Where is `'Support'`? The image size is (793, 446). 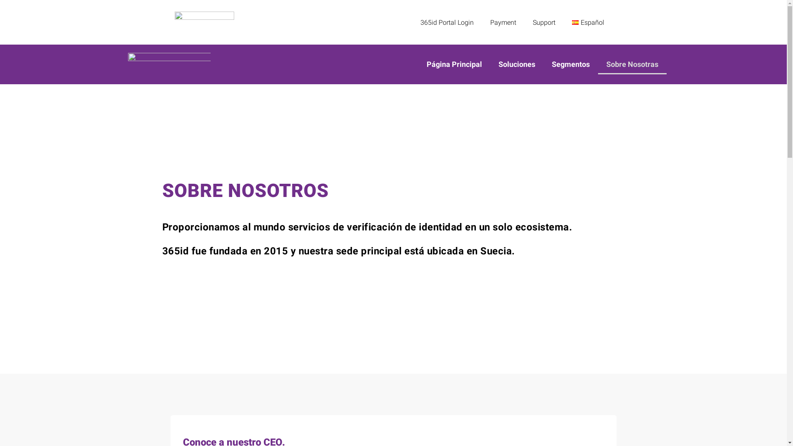
'Support' is located at coordinates (524, 22).